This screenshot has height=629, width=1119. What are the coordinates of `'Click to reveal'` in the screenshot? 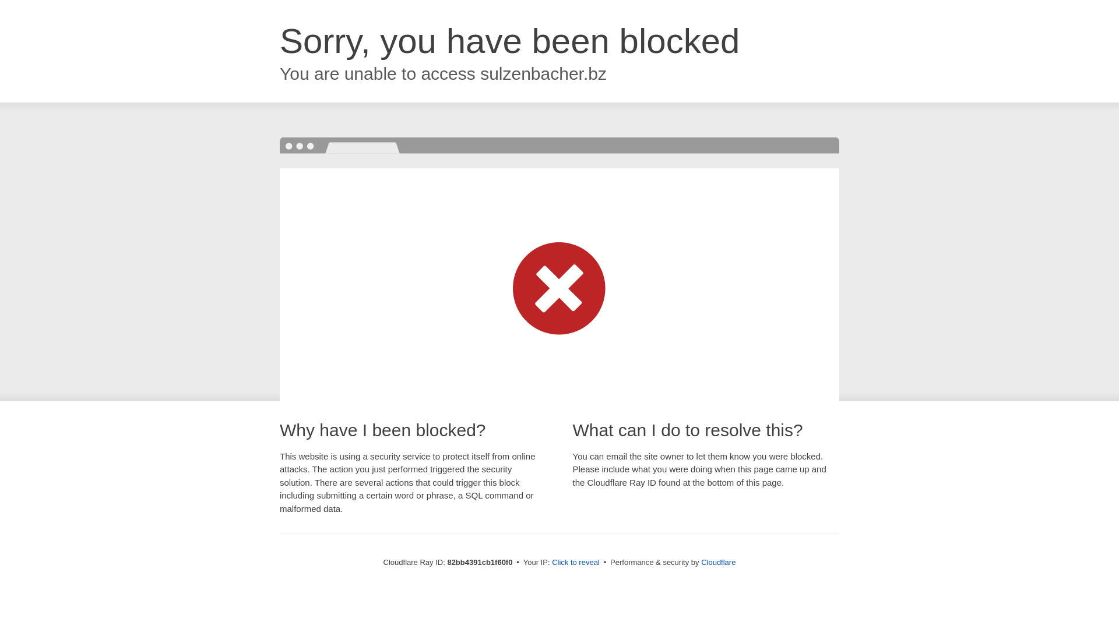 It's located at (551, 561).